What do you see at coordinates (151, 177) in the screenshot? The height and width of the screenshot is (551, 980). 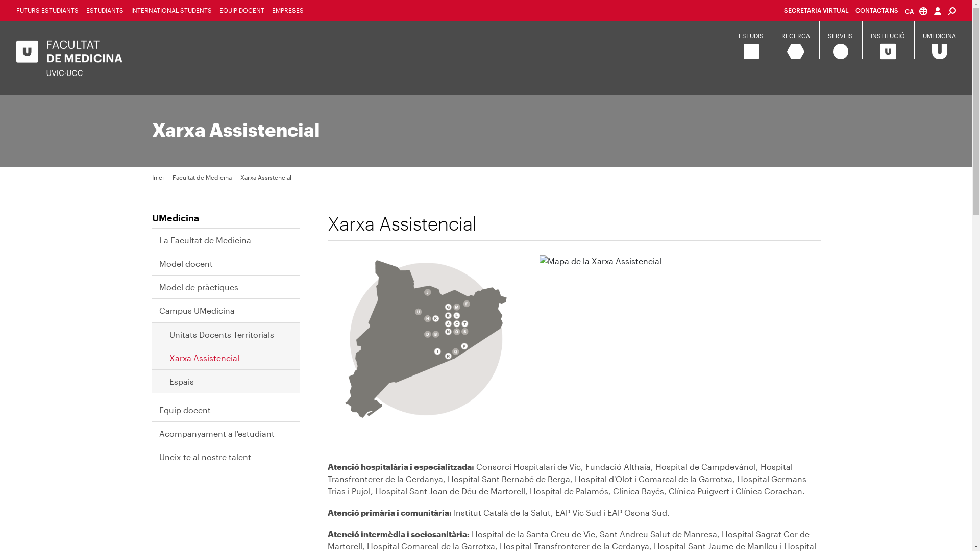 I see `'Inici'` at bounding box center [151, 177].